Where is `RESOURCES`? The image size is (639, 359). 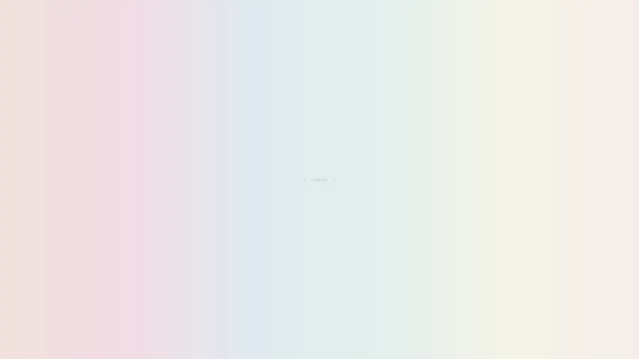
RESOURCES is located at coordinates (79, 70).